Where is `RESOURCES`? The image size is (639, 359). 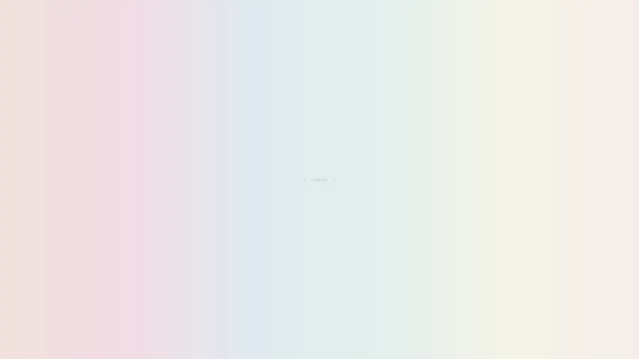
RESOURCES is located at coordinates (79, 70).